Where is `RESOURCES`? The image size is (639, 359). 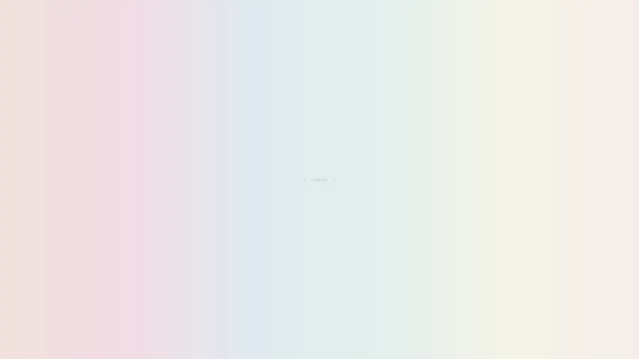
RESOURCES is located at coordinates (79, 70).